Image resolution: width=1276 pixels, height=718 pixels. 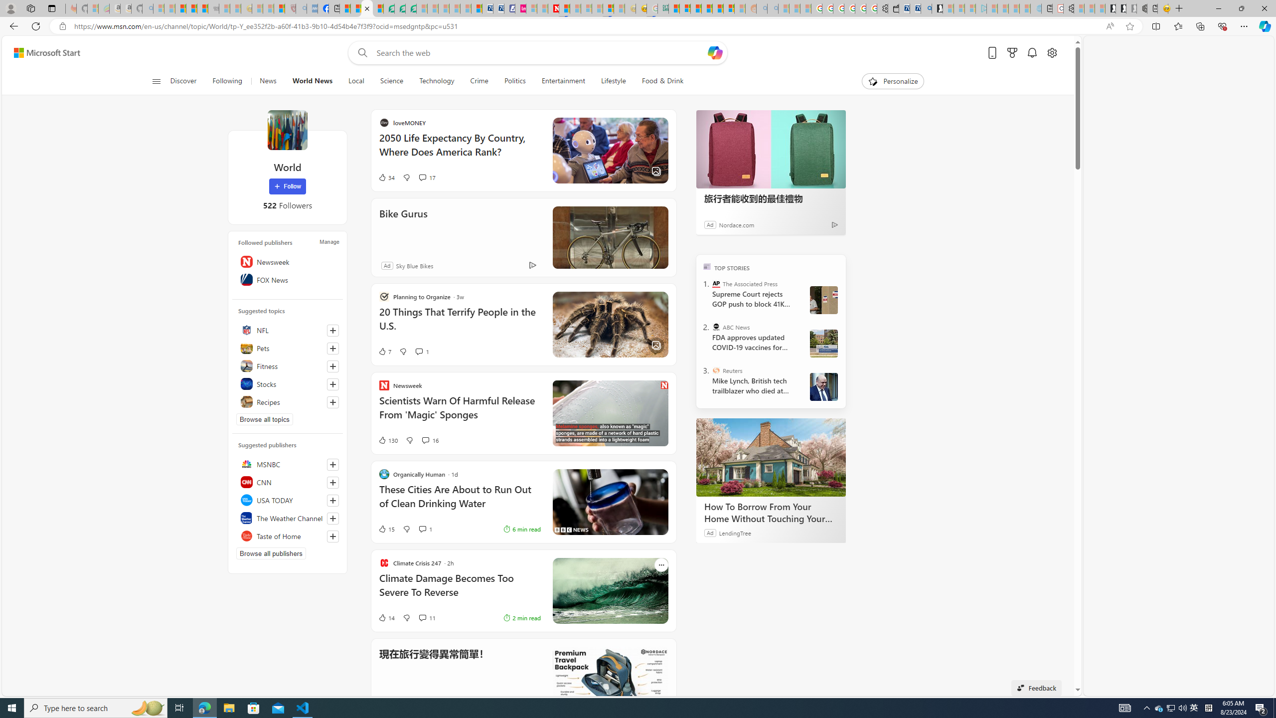 What do you see at coordinates (520, 8) in the screenshot?
I see `'Jobs - lastminute.com Investor Portal'` at bounding box center [520, 8].